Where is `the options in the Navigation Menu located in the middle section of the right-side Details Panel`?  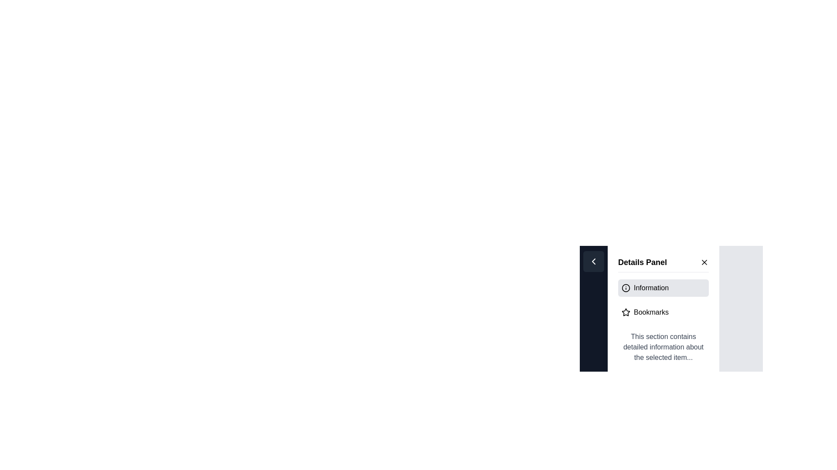
the options in the Navigation Menu located in the middle section of the right-side Details Panel is located at coordinates (663, 300).